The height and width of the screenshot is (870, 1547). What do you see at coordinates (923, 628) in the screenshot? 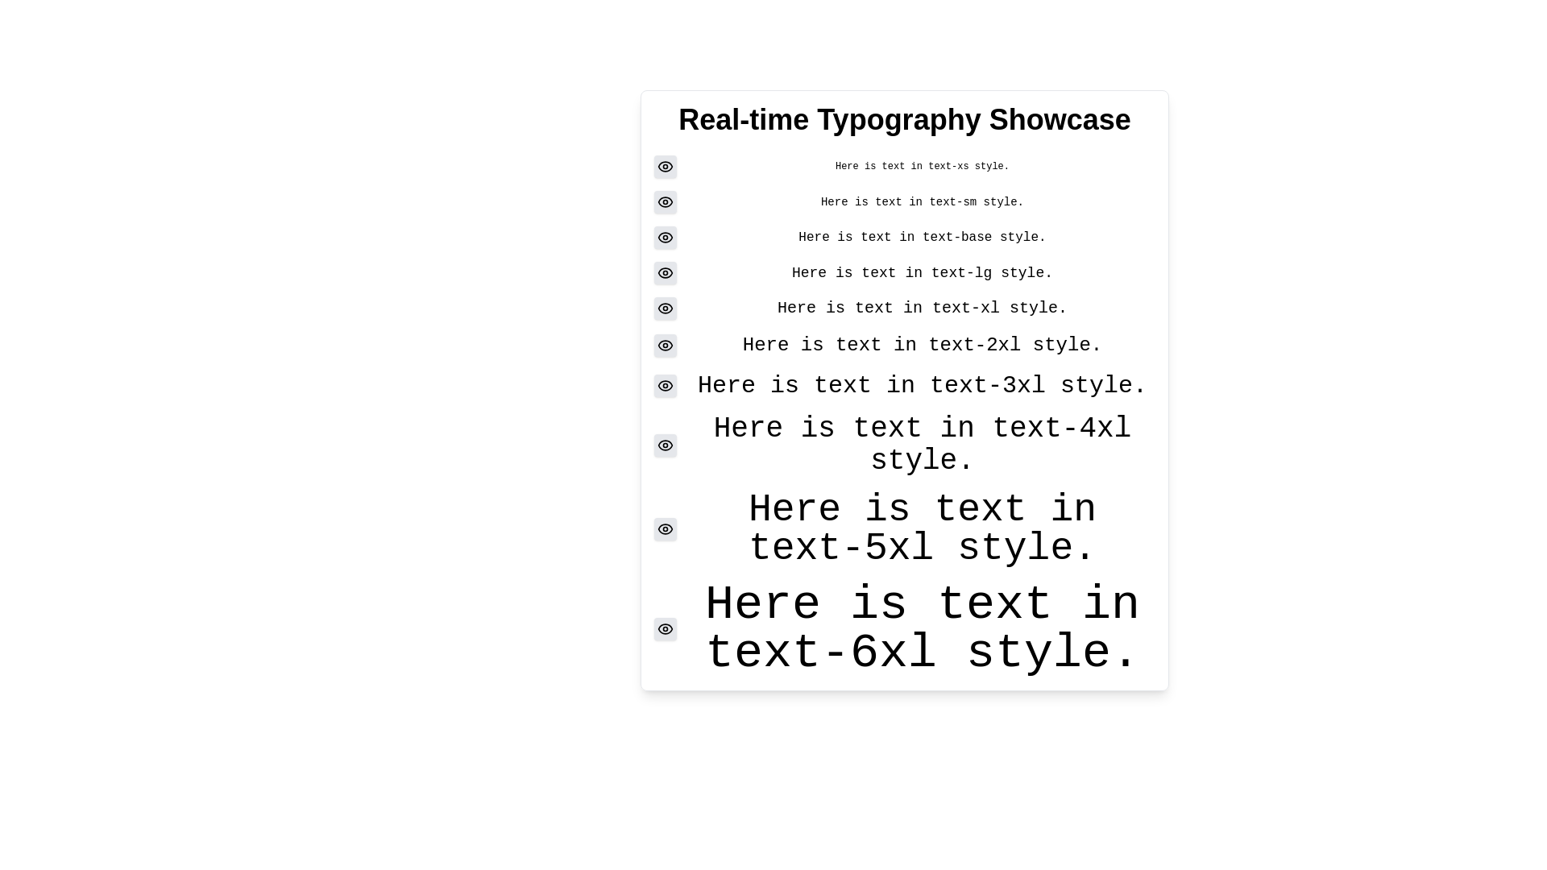
I see `the large static text block displaying the 'text-6xl' font styling at the bottom of the vertical list of textual elements` at bounding box center [923, 628].